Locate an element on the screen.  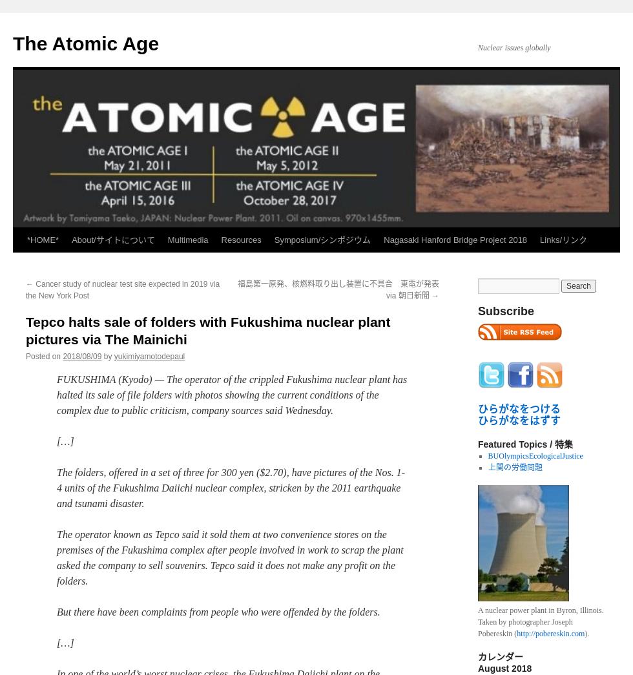
'BUOlympicsEcologicalJustice' is located at coordinates (487, 455).